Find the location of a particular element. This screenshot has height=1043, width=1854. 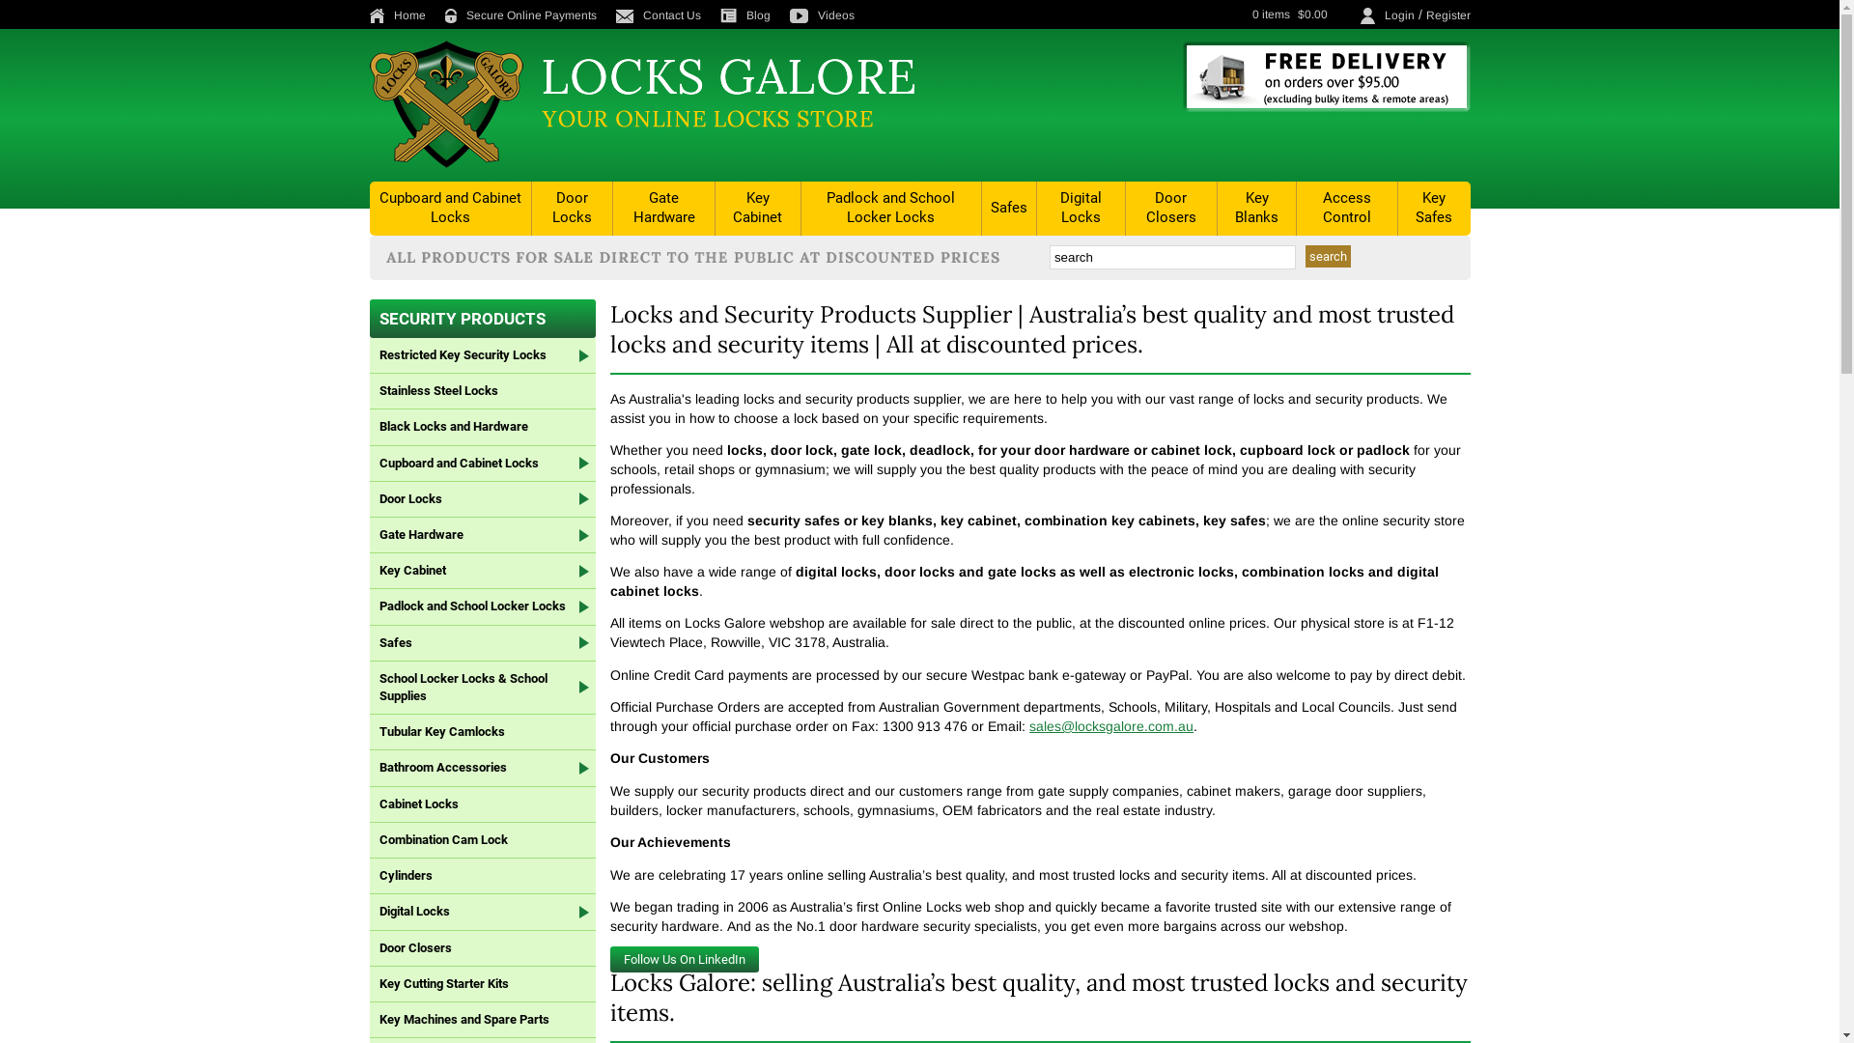

'Safes' is located at coordinates (1008, 209).